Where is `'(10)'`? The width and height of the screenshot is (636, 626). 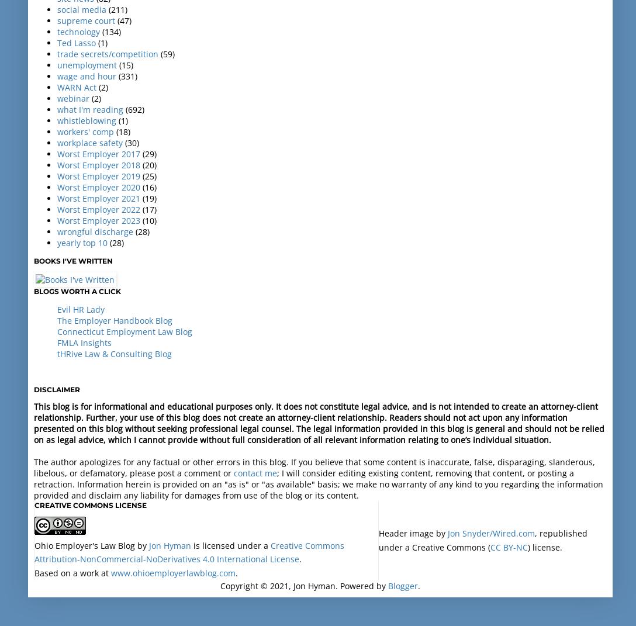
'(10)' is located at coordinates (142, 219).